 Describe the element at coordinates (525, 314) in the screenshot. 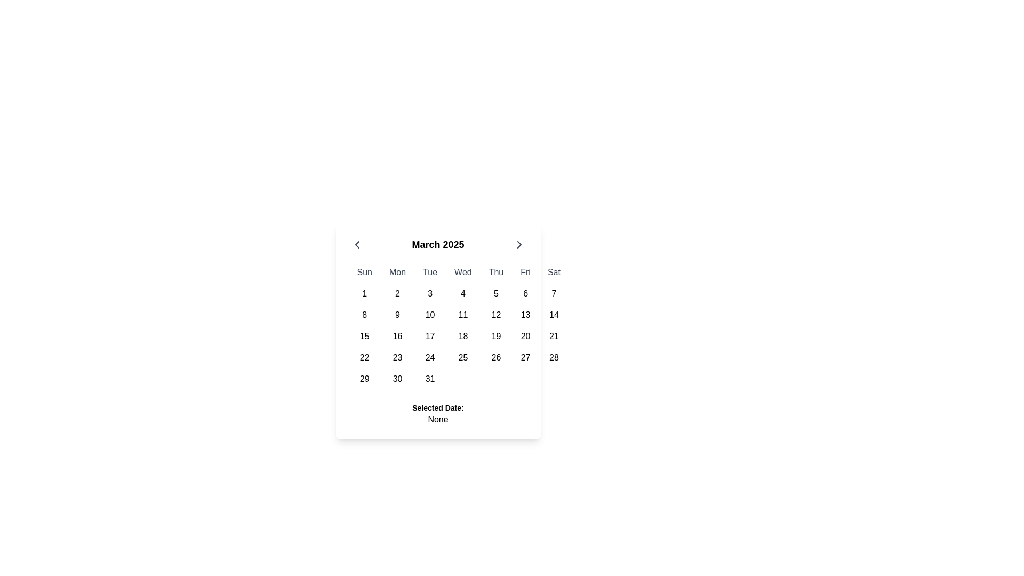

I see `the text element displaying the number '13'` at that location.